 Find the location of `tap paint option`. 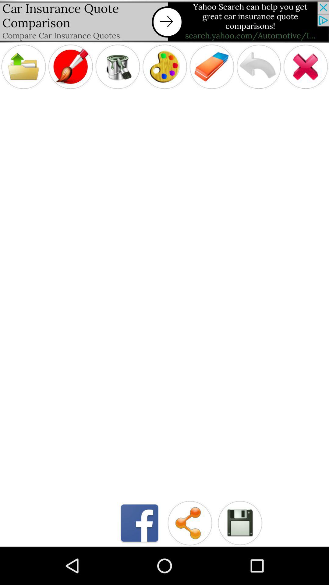

tap paint option is located at coordinates (70, 67).